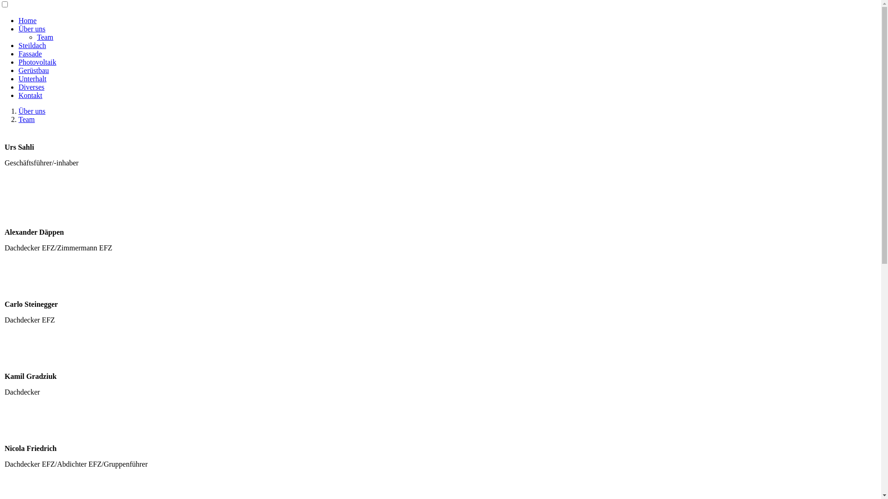  What do you see at coordinates (31, 87) in the screenshot?
I see `'Diverses'` at bounding box center [31, 87].